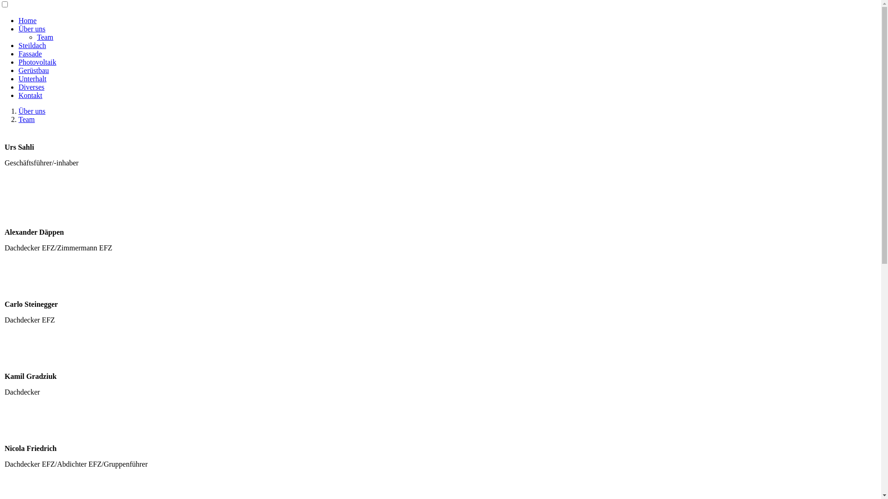  What do you see at coordinates (31, 87) in the screenshot?
I see `'Diverses'` at bounding box center [31, 87].